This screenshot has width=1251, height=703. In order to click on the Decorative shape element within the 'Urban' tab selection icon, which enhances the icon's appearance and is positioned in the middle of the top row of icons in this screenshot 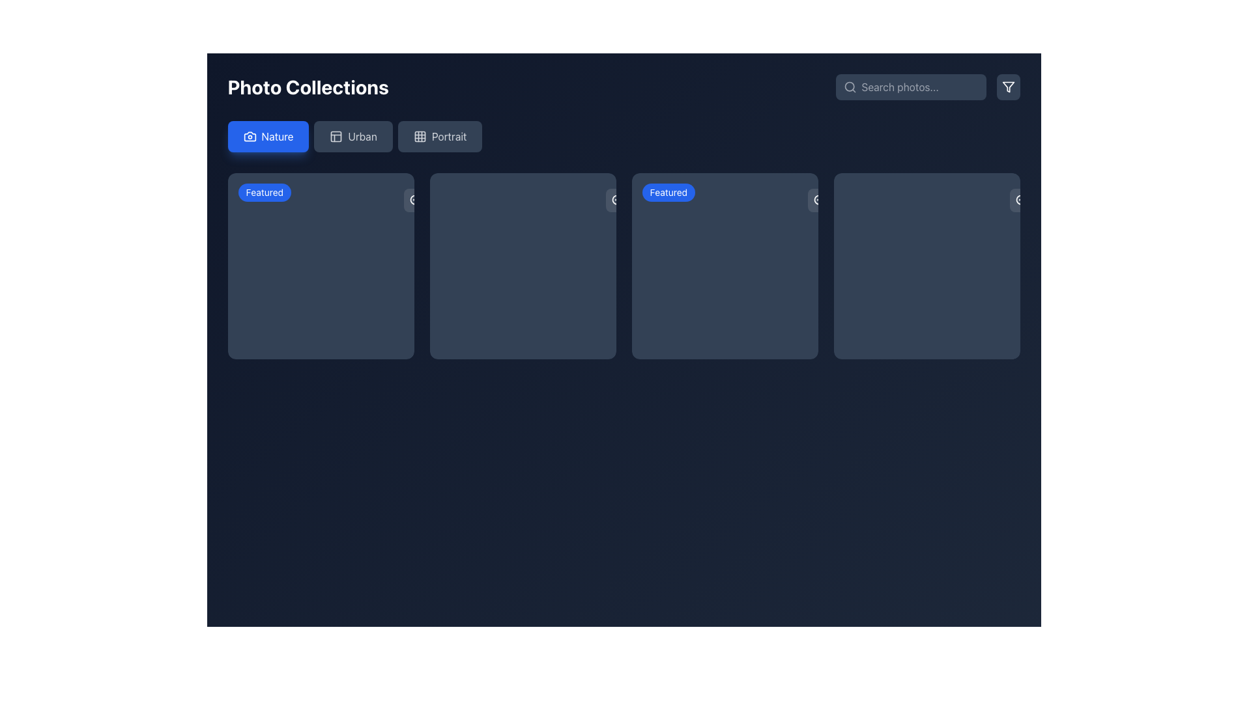, I will do `click(336, 136)`.